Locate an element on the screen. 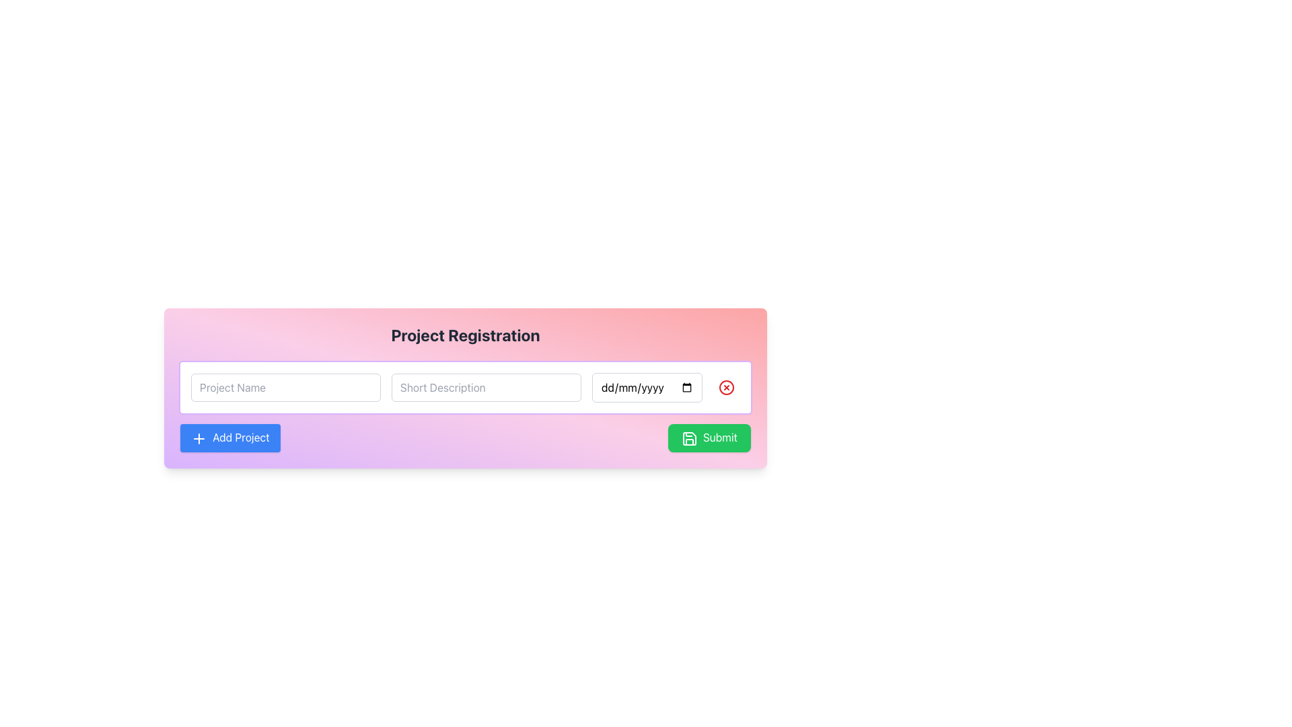  the circular clear button icon located to the right of the date input field for resetting the selected date is located at coordinates (726, 387).